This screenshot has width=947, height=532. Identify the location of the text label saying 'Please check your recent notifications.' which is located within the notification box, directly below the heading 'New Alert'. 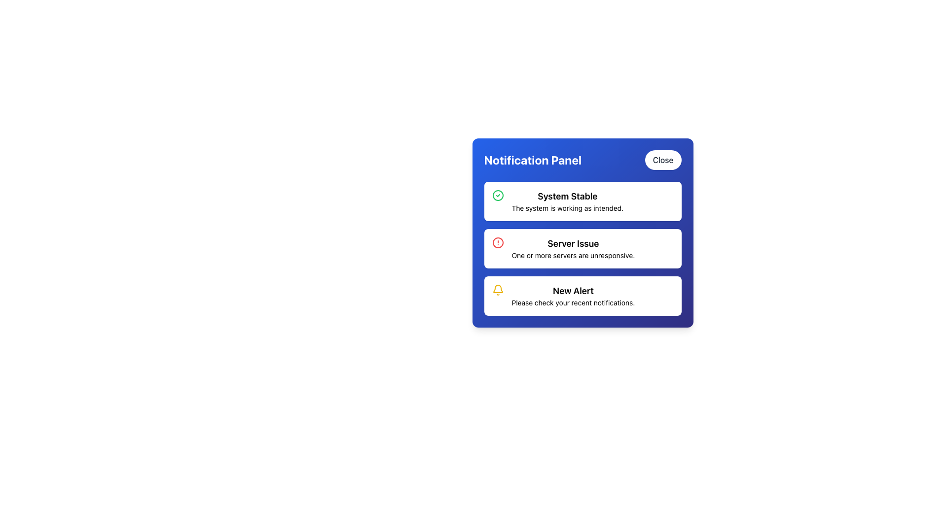
(573, 302).